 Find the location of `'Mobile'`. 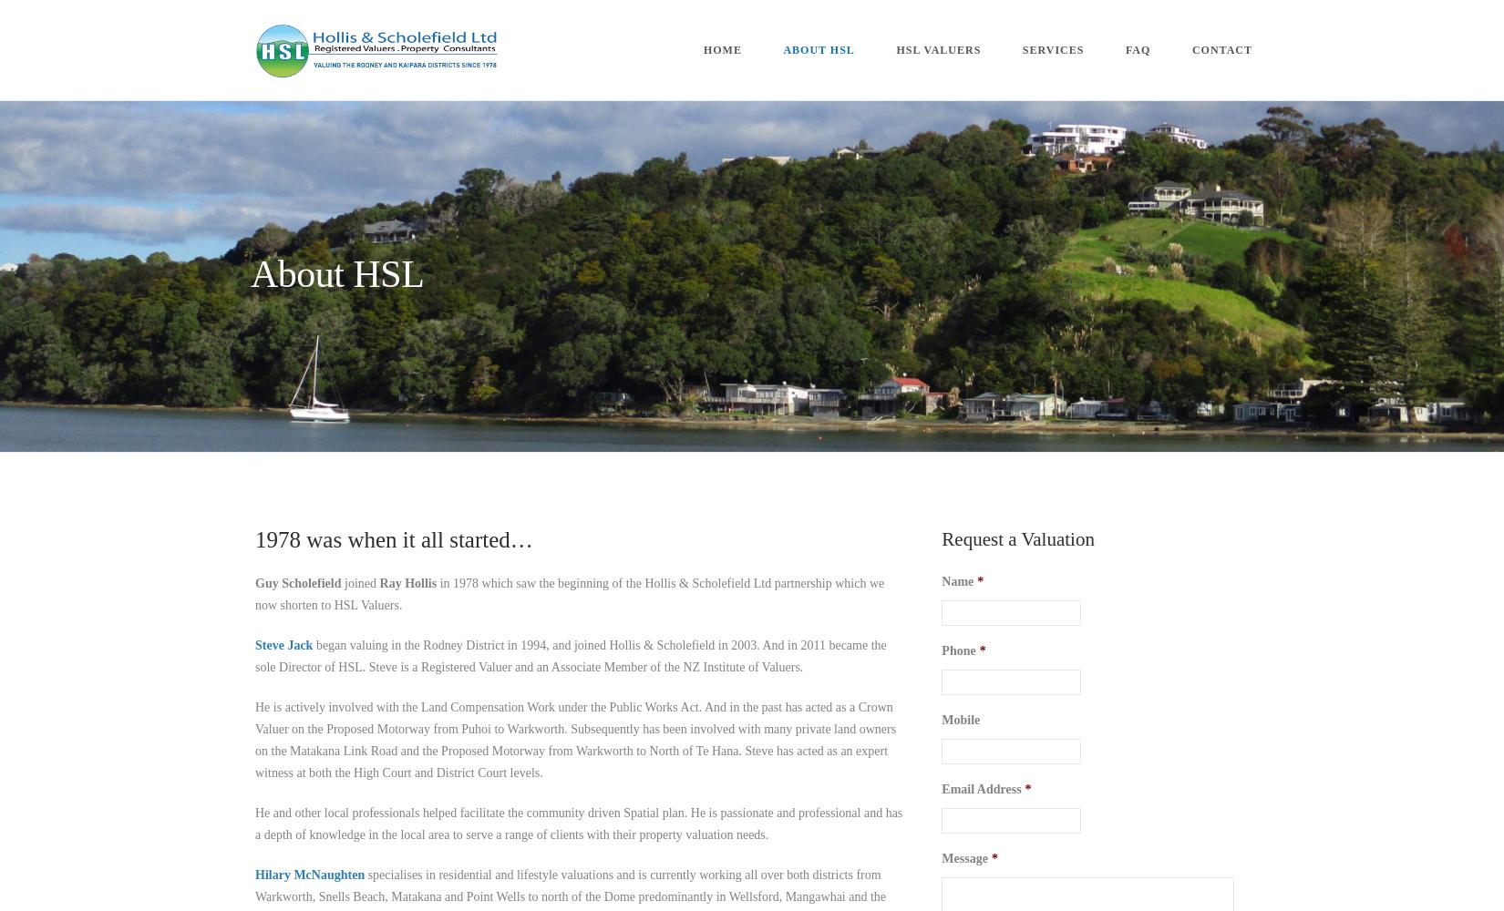

'Mobile' is located at coordinates (961, 720).